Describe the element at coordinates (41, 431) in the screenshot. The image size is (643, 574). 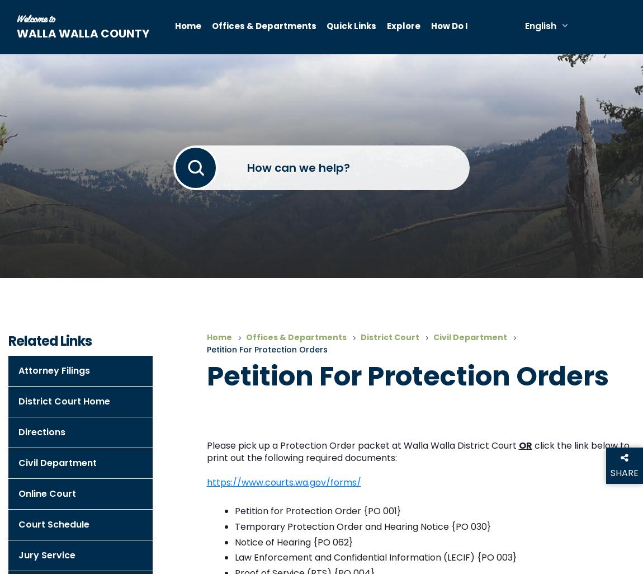
I see `'Directions'` at that location.